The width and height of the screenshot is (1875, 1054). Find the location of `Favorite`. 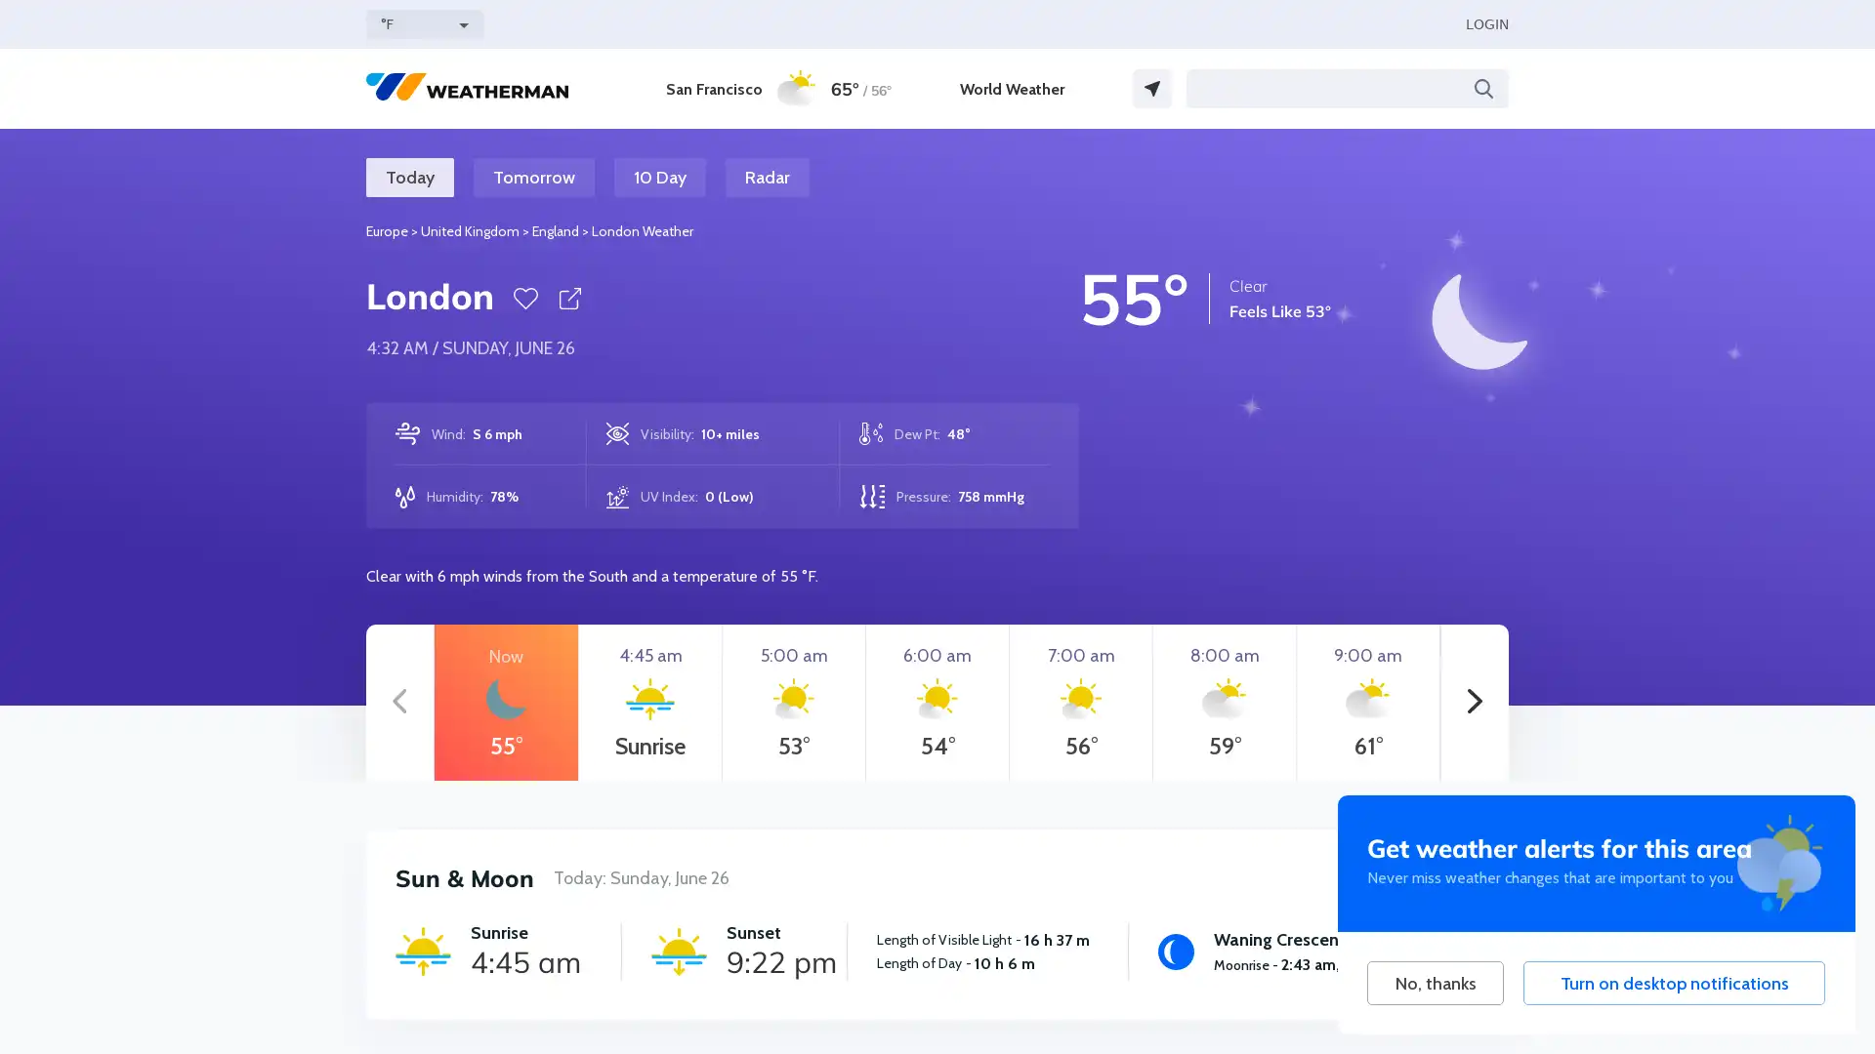

Favorite is located at coordinates (525, 298).